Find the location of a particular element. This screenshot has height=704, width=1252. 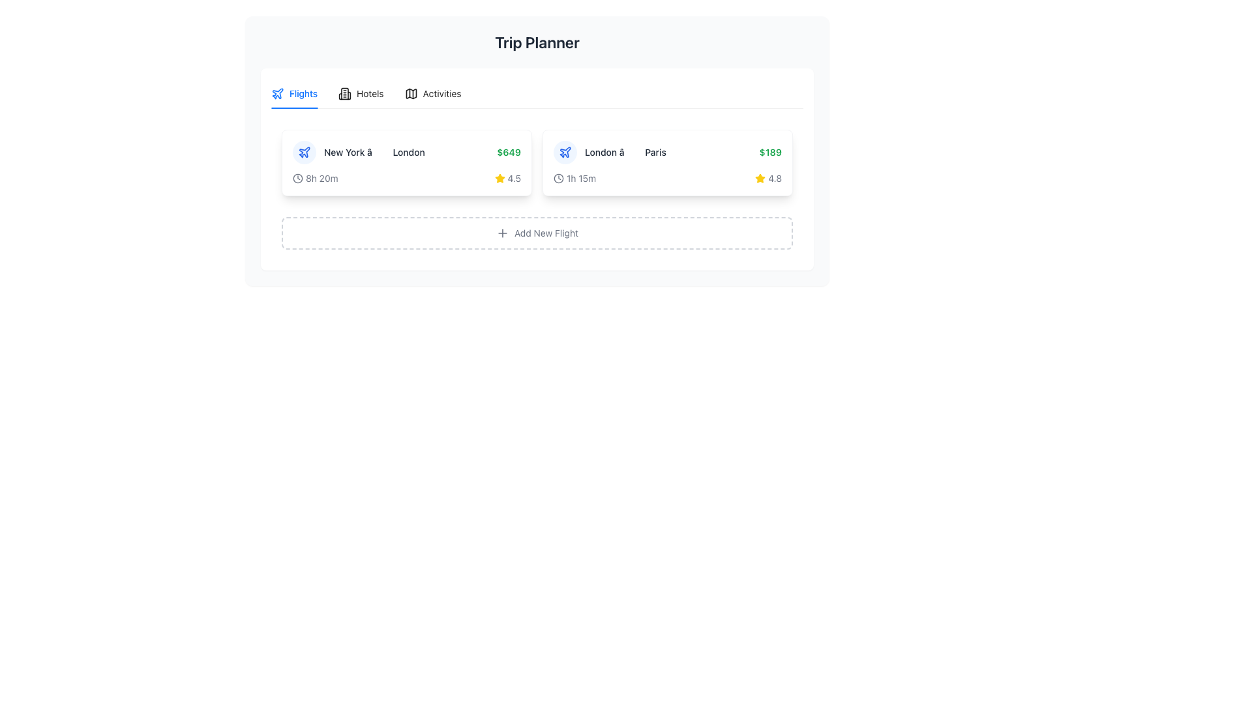

the Star Icon, which indicates a rating for the trip from London to Paris, adjacent to the rating text '4.8' is located at coordinates (760, 178).